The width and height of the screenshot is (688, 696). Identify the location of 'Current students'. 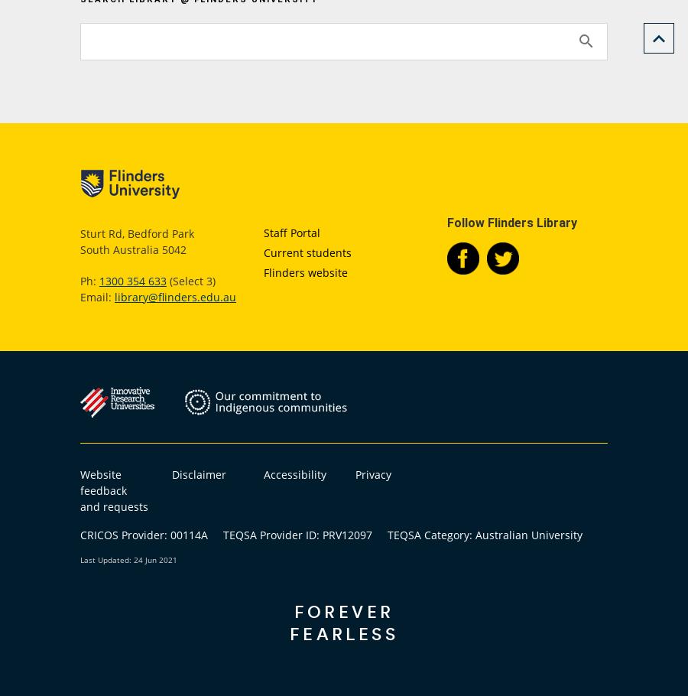
(307, 252).